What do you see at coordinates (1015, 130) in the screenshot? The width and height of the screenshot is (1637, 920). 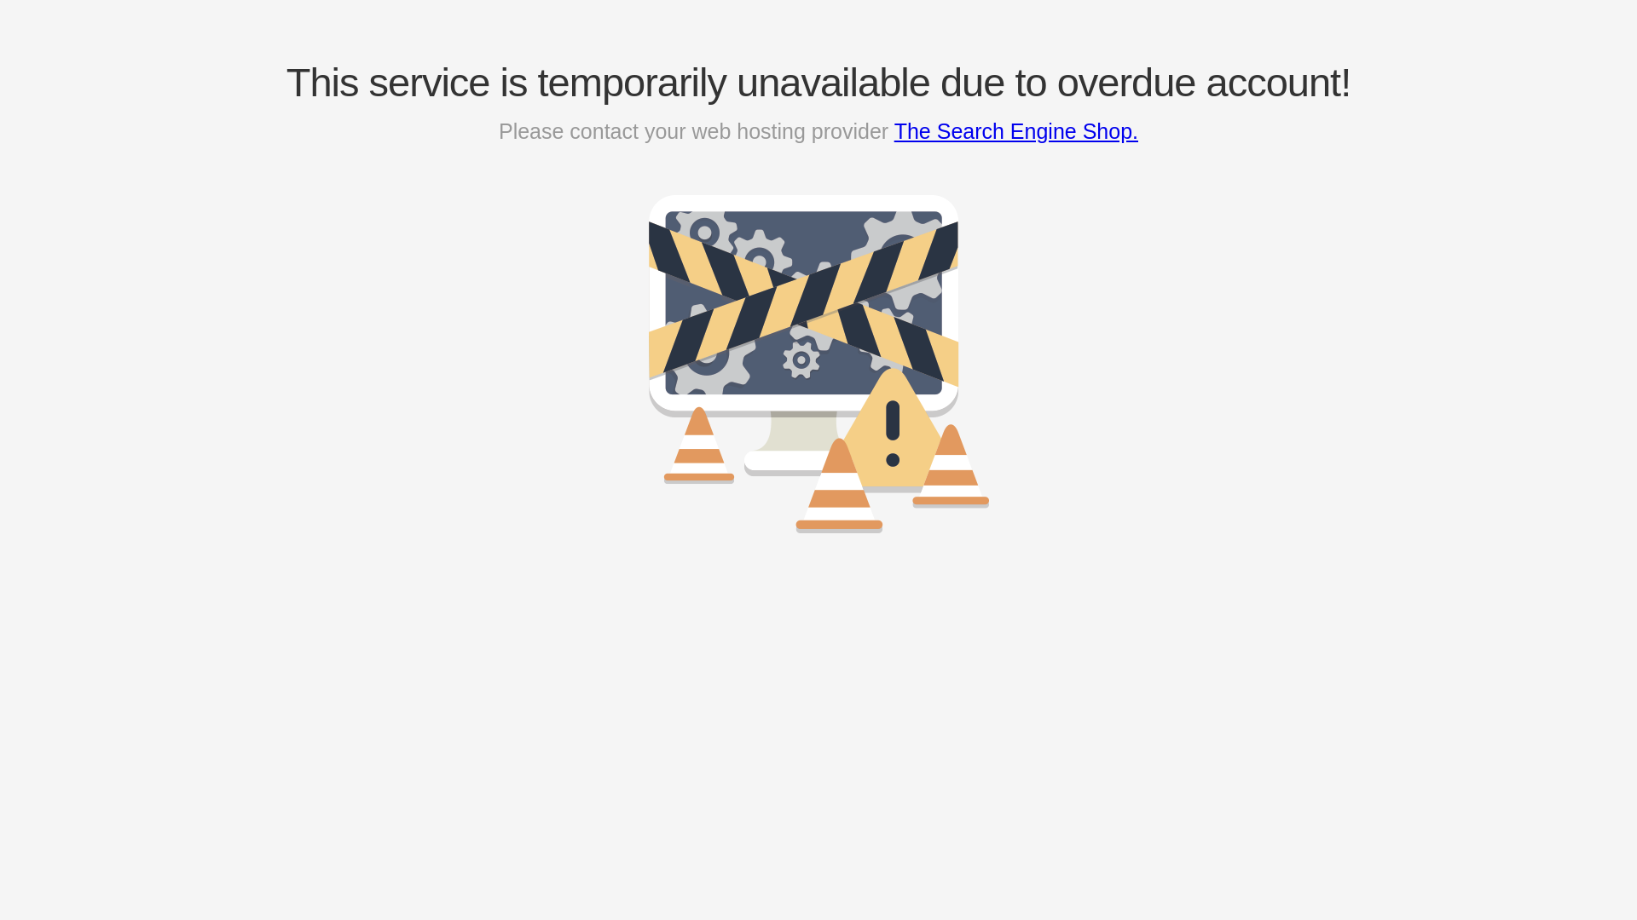 I see `'The Search Engine Shop.'` at bounding box center [1015, 130].